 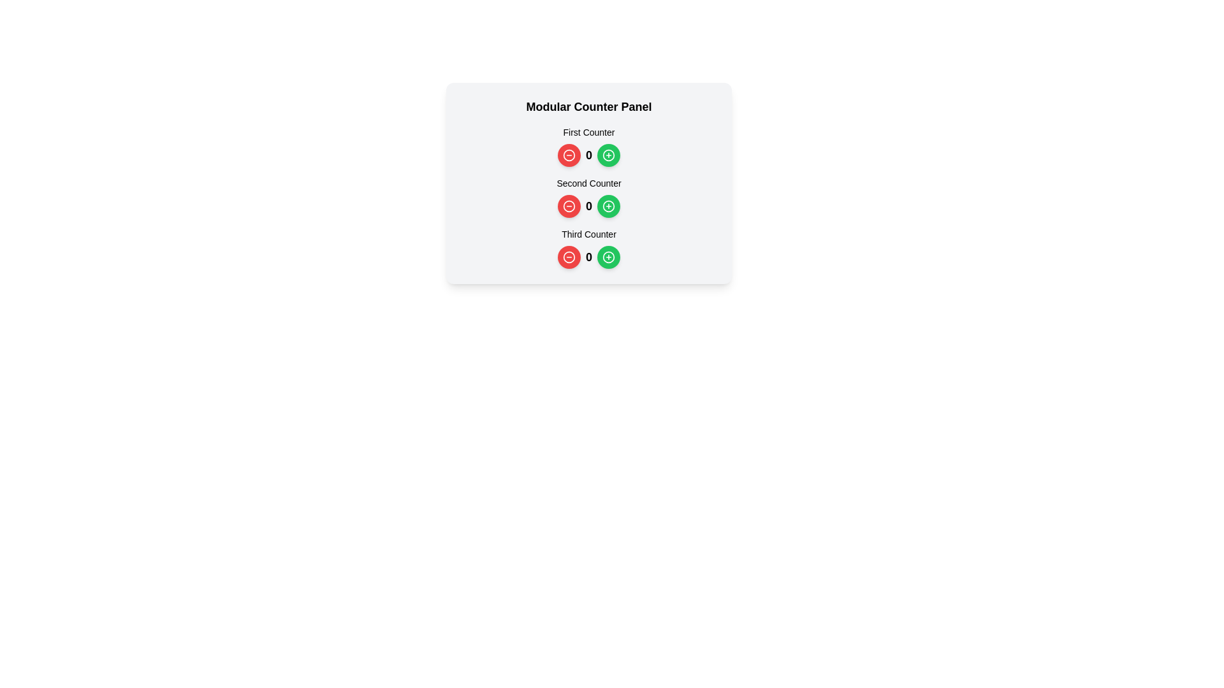 I want to click on the increment button of the 'Third Counter' UI Component to increase the count, so click(x=588, y=248).